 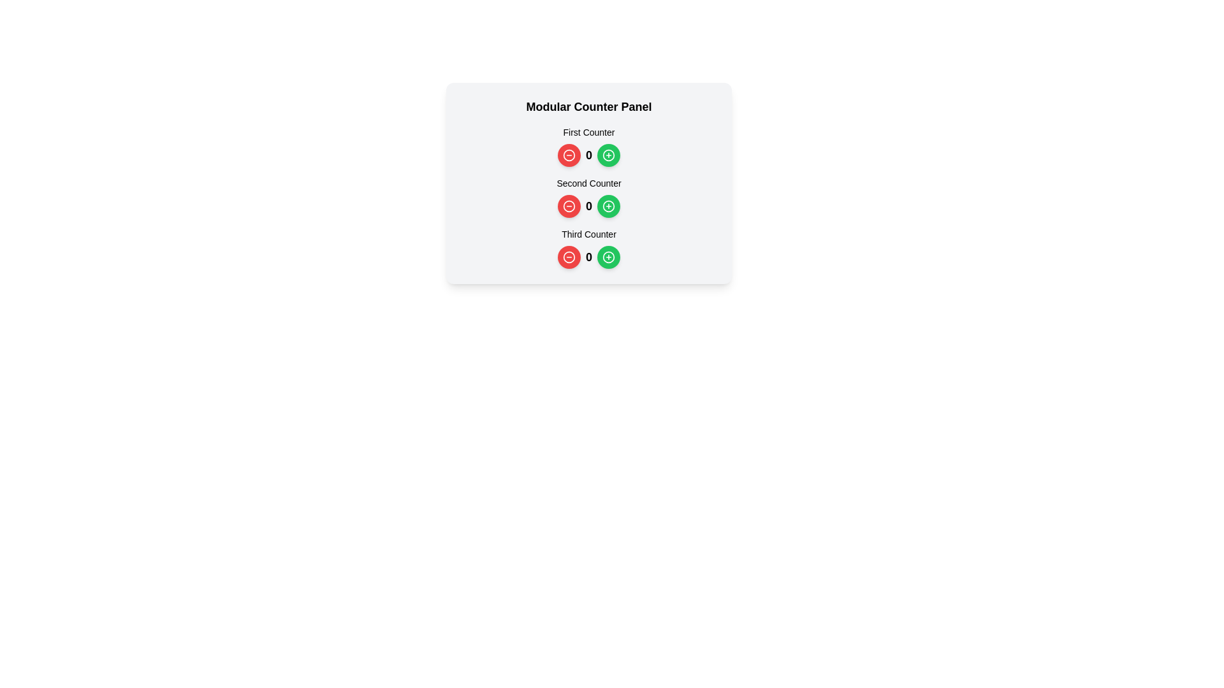 I want to click on the increment button of the 'Third Counter' UI Component to increase the count, so click(x=588, y=248).